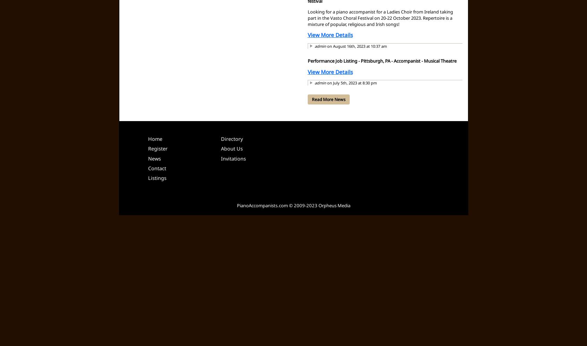 The width and height of the screenshot is (587, 346). I want to click on 'Invitations', so click(233, 158).